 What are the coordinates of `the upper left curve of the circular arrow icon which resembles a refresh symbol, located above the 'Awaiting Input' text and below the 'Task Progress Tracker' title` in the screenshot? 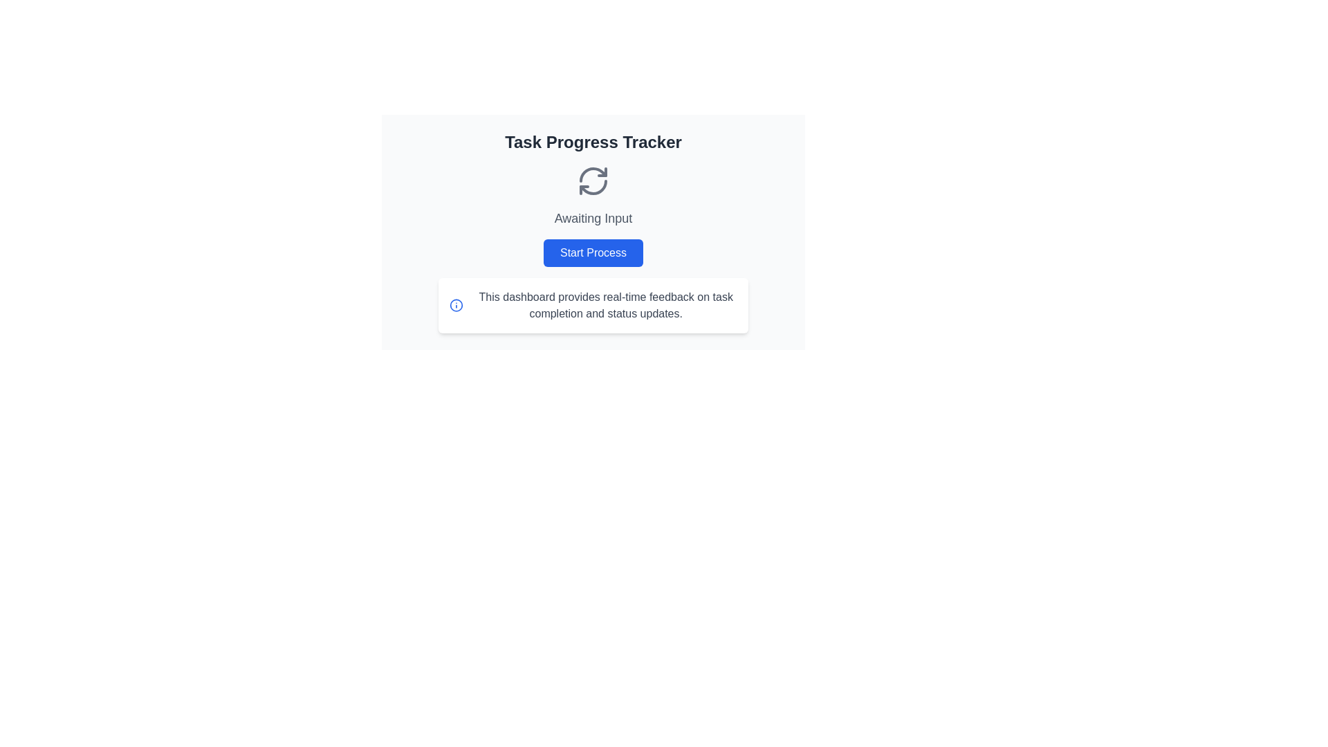 It's located at (593, 174).